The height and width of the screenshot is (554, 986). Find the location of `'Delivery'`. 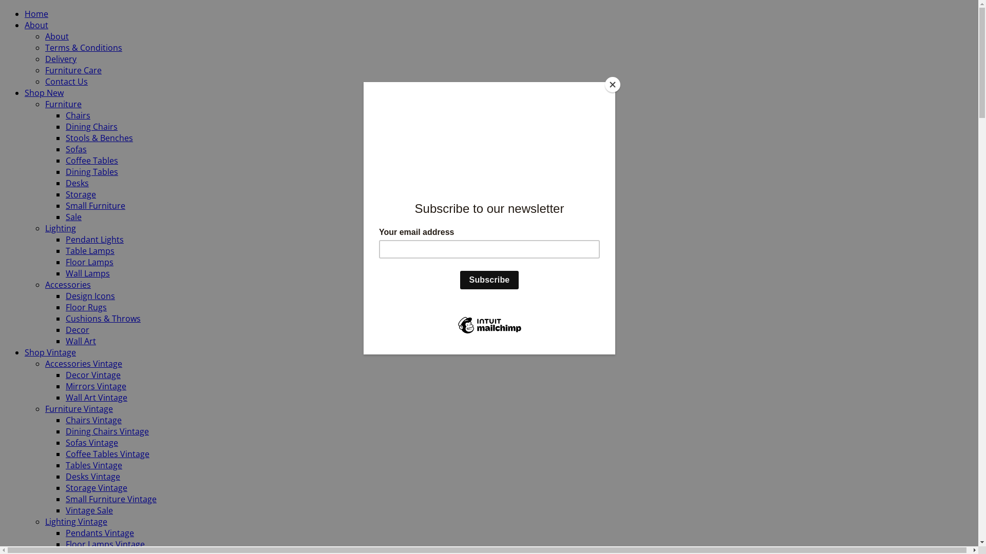

'Delivery' is located at coordinates (44, 59).